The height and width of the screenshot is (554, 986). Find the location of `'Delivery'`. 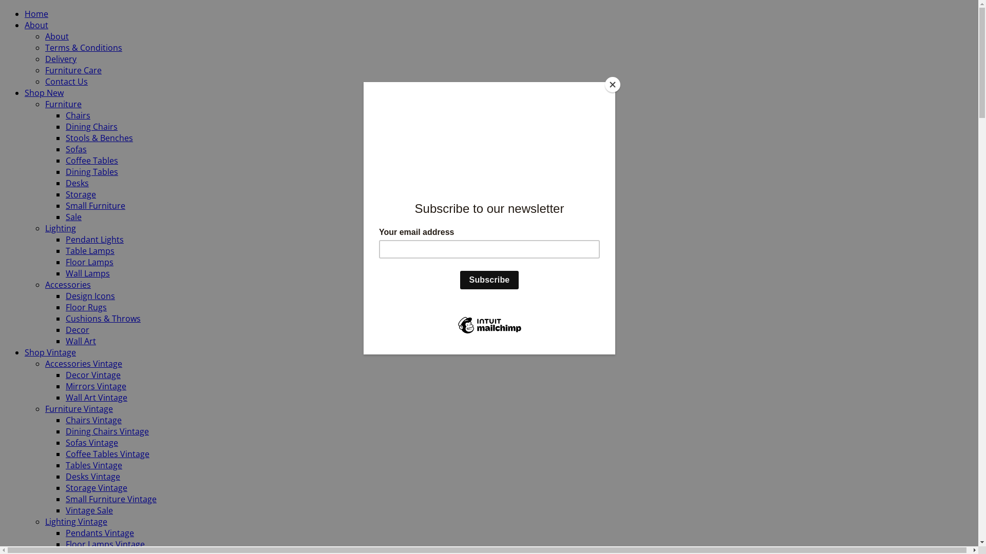

'Delivery' is located at coordinates (44, 59).